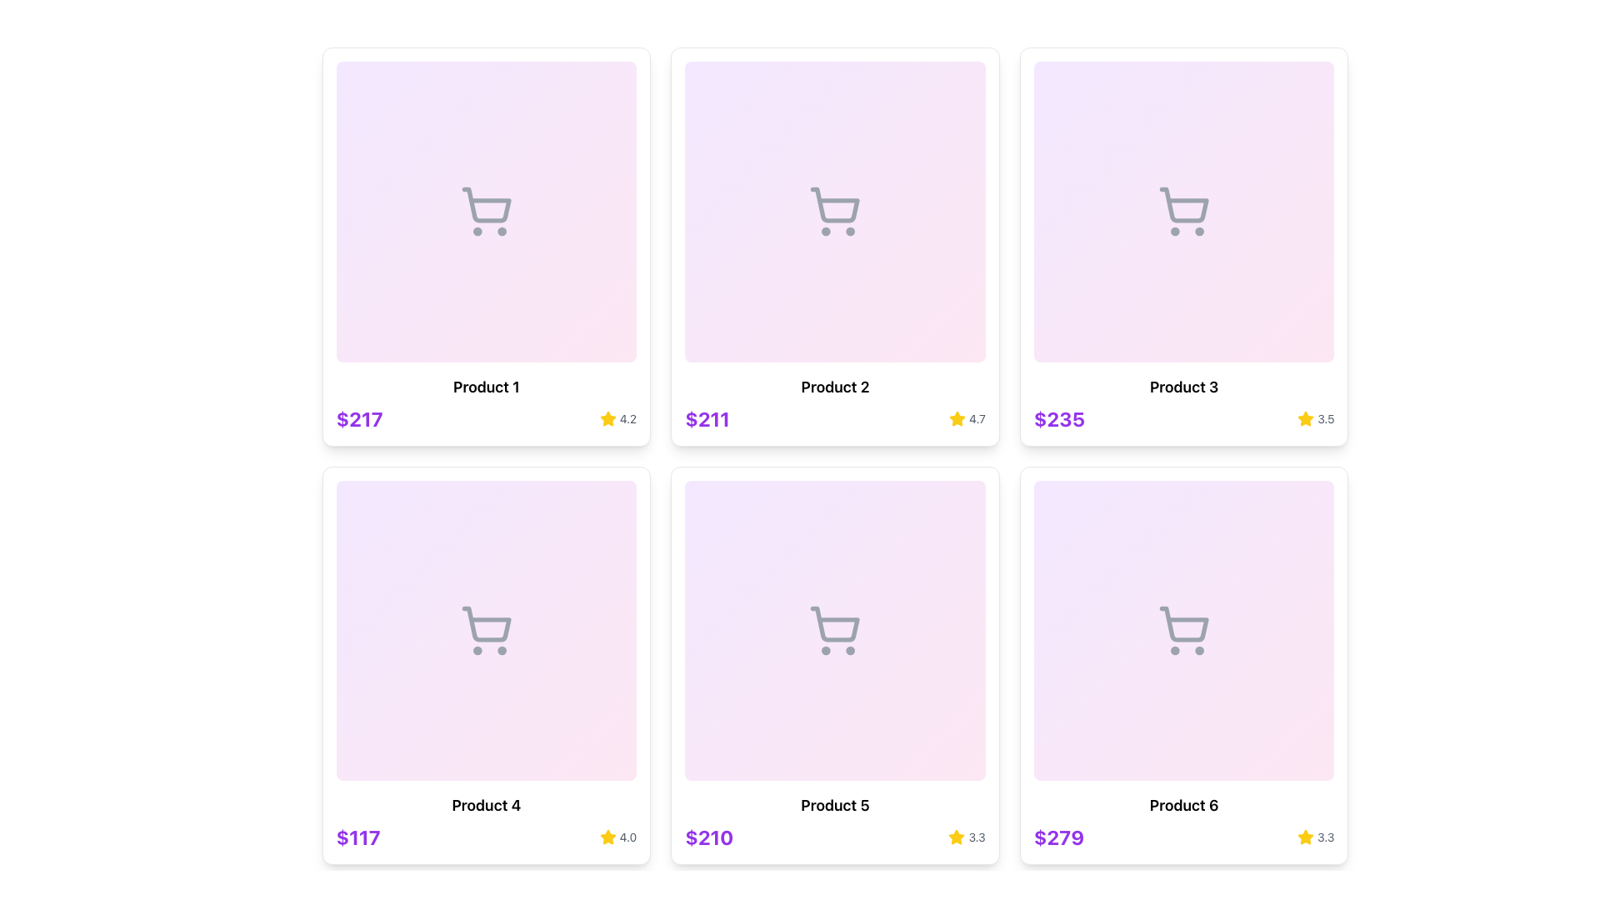 Image resolution: width=1600 pixels, height=900 pixels. Describe the element at coordinates (607, 837) in the screenshot. I see `the rating represented by the star icon located at the bottom-right corner of the card for 'Product 4'` at that location.